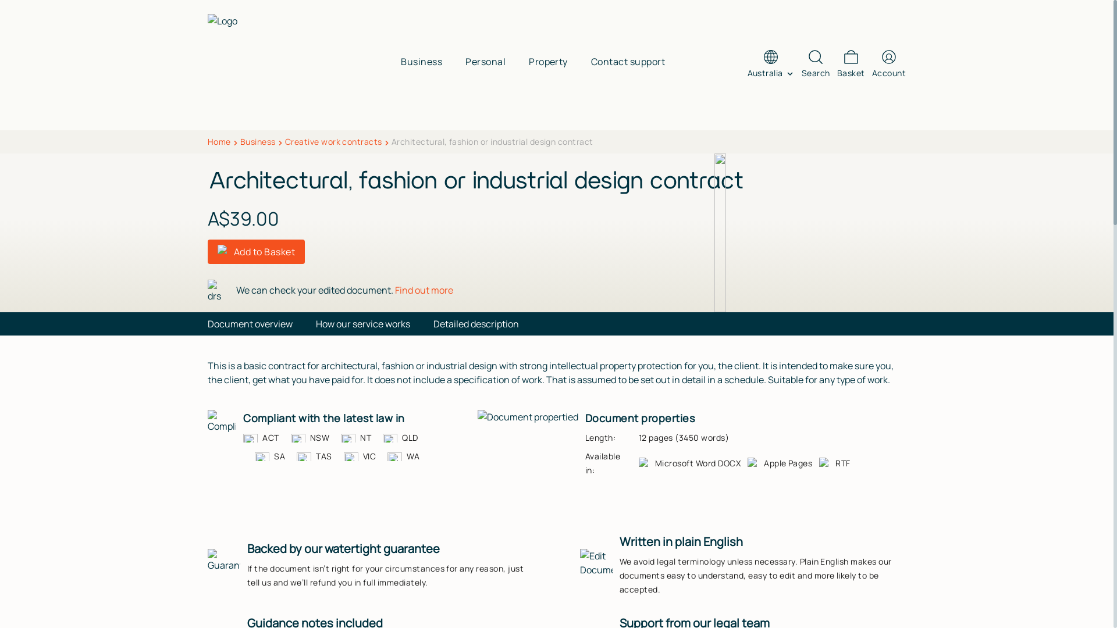 The image size is (1117, 628). Describe the element at coordinates (771, 73) in the screenshot. I see `'Australia'` at that location.